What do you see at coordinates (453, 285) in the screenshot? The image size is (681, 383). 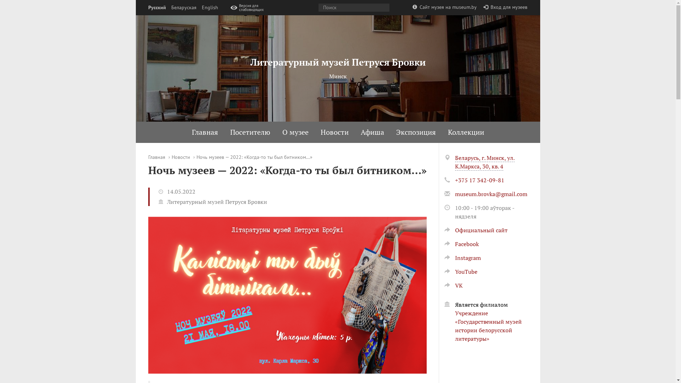 I see `'VK'` at bounding box center [453, 285].